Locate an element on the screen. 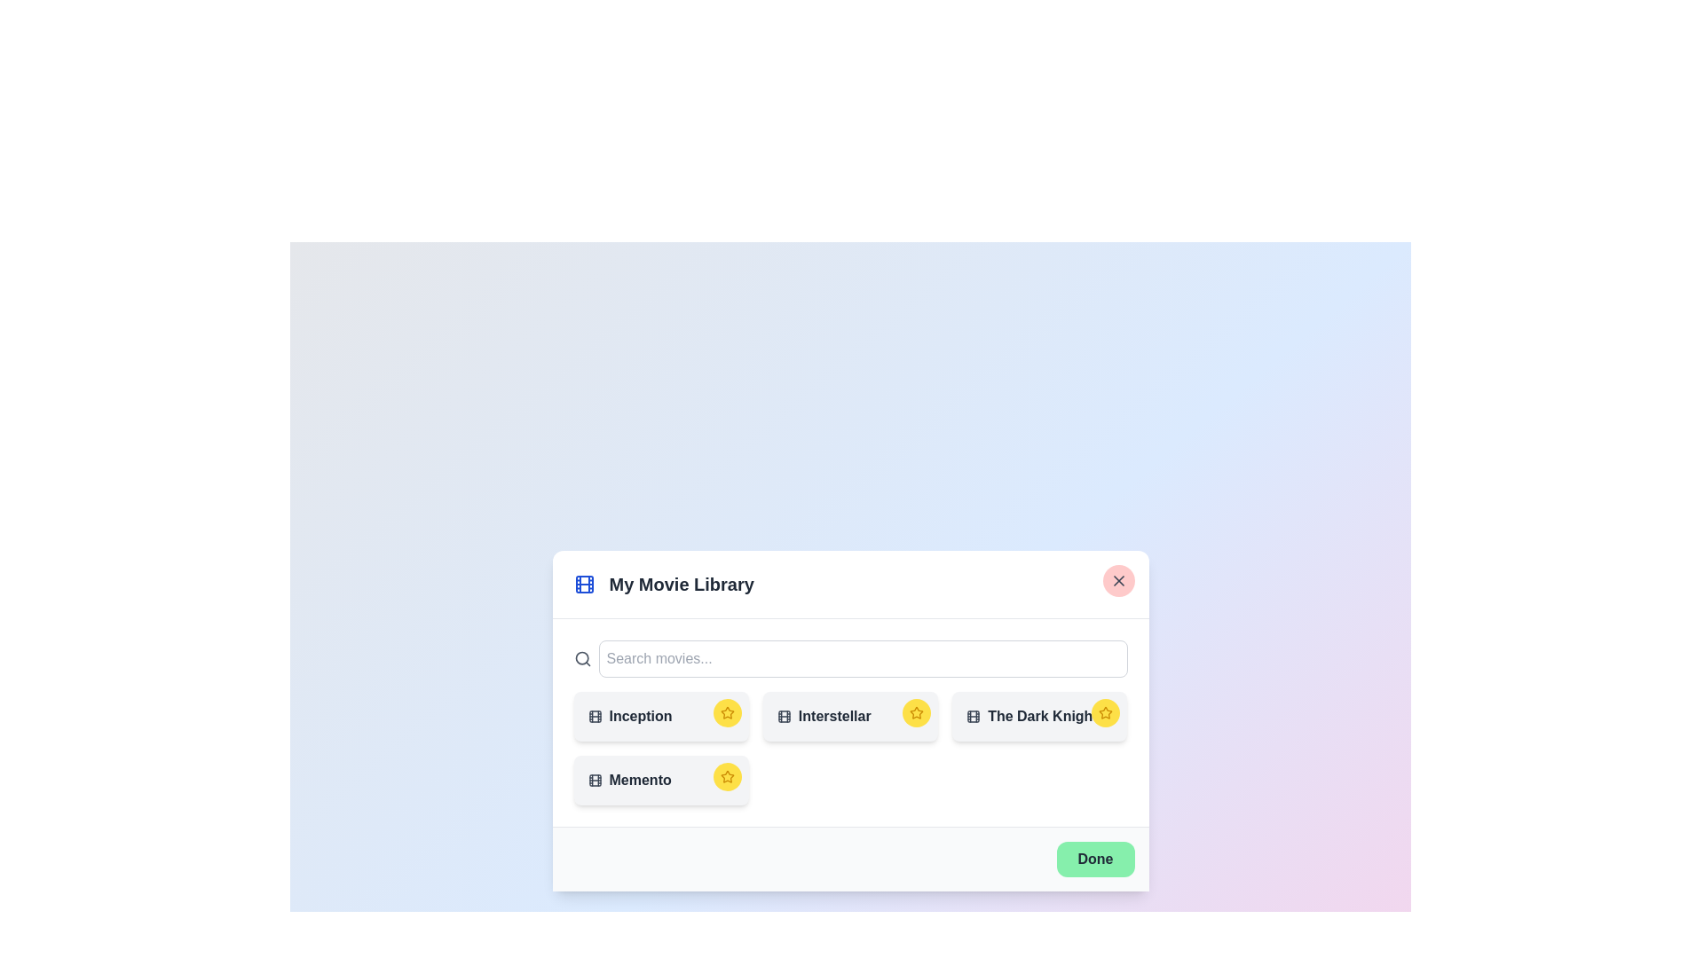  the non-interactive decorative rectangle shape in the SVG graphic that is part of the film icon next to the title 'My Movie Library' is located at coordinates (973, 715).